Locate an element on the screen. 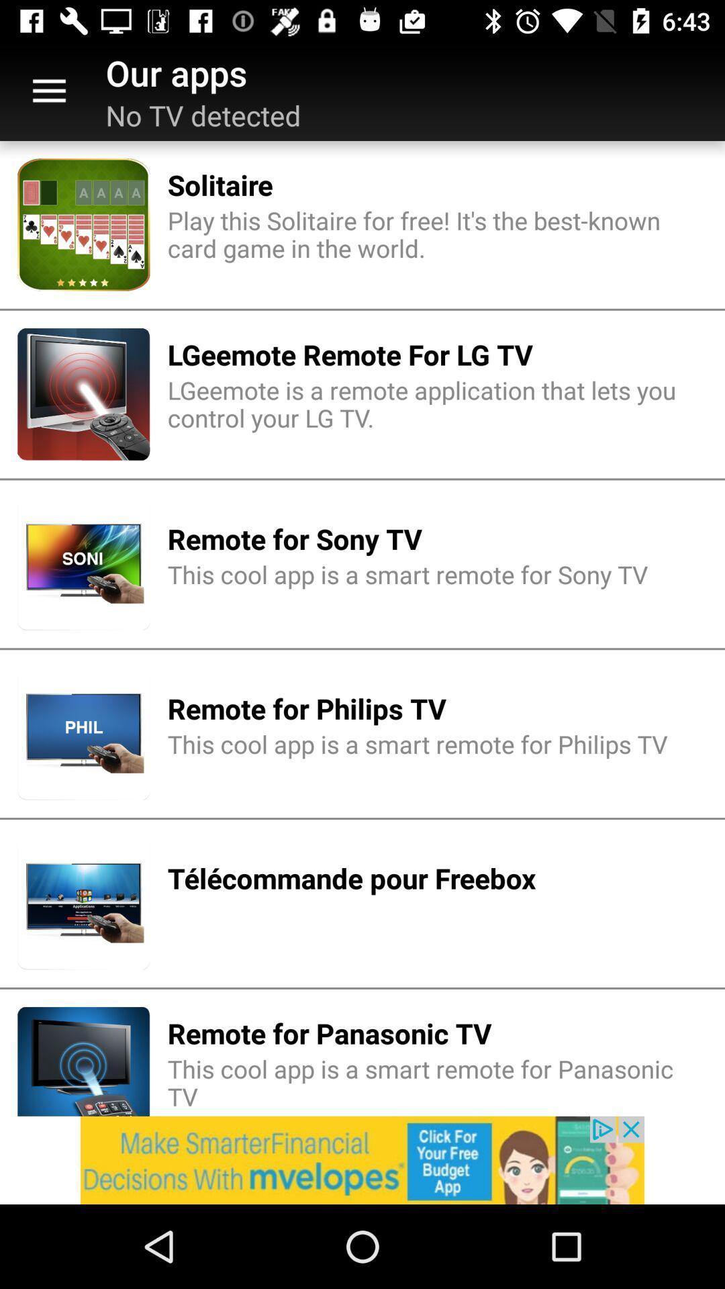 This screenshot has height=1289, width=725. to see about add is located at coordinates (362, 1159).